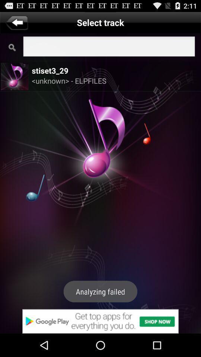 This screenshot has height=357, width=201. I want to click on go back, so click(16, 22).